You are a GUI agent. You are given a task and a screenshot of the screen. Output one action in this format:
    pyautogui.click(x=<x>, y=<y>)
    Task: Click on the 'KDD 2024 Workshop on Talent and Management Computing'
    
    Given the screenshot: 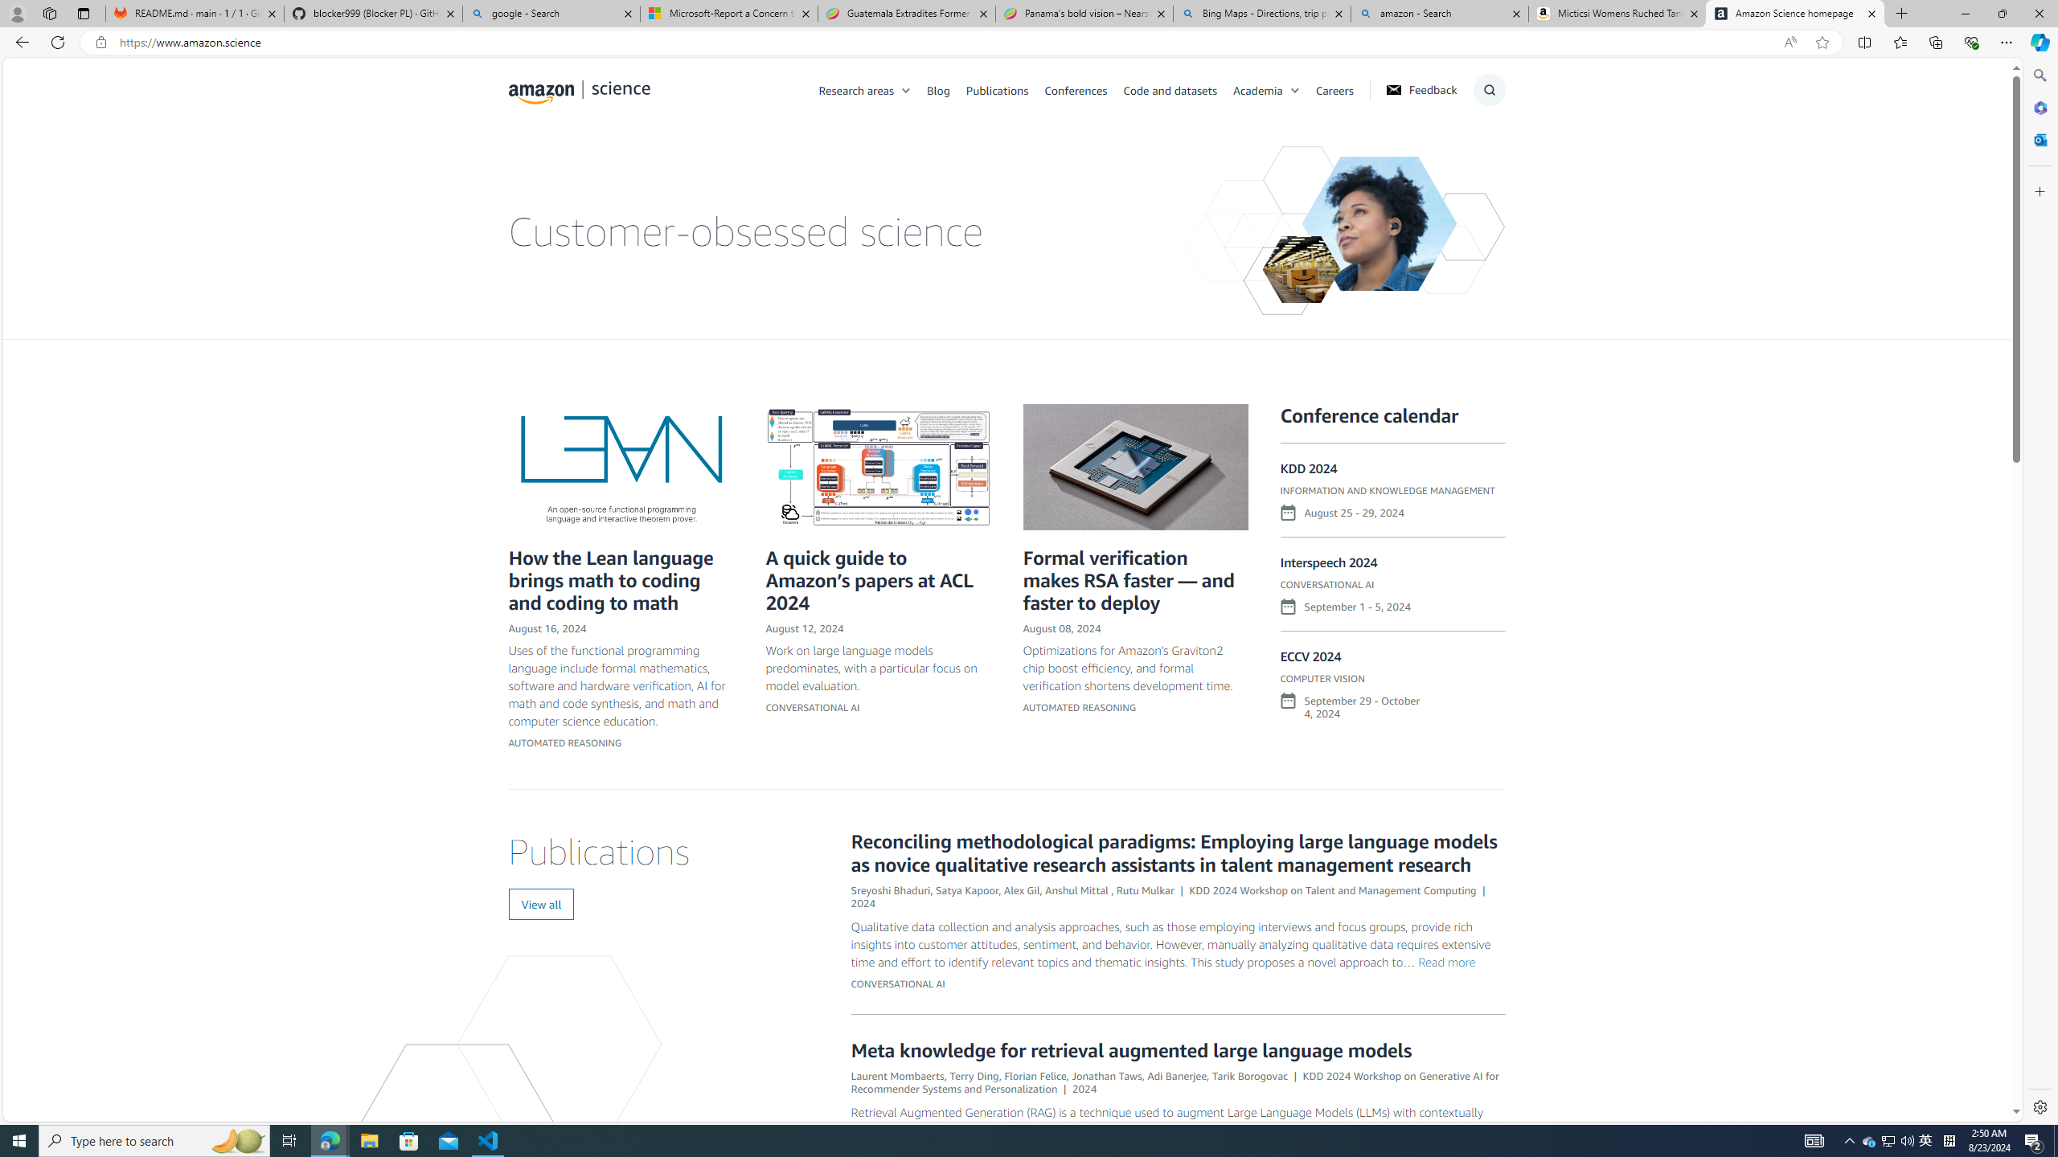 What is the action you would take?
    pyautogui.click(x=1333, y=889)
    